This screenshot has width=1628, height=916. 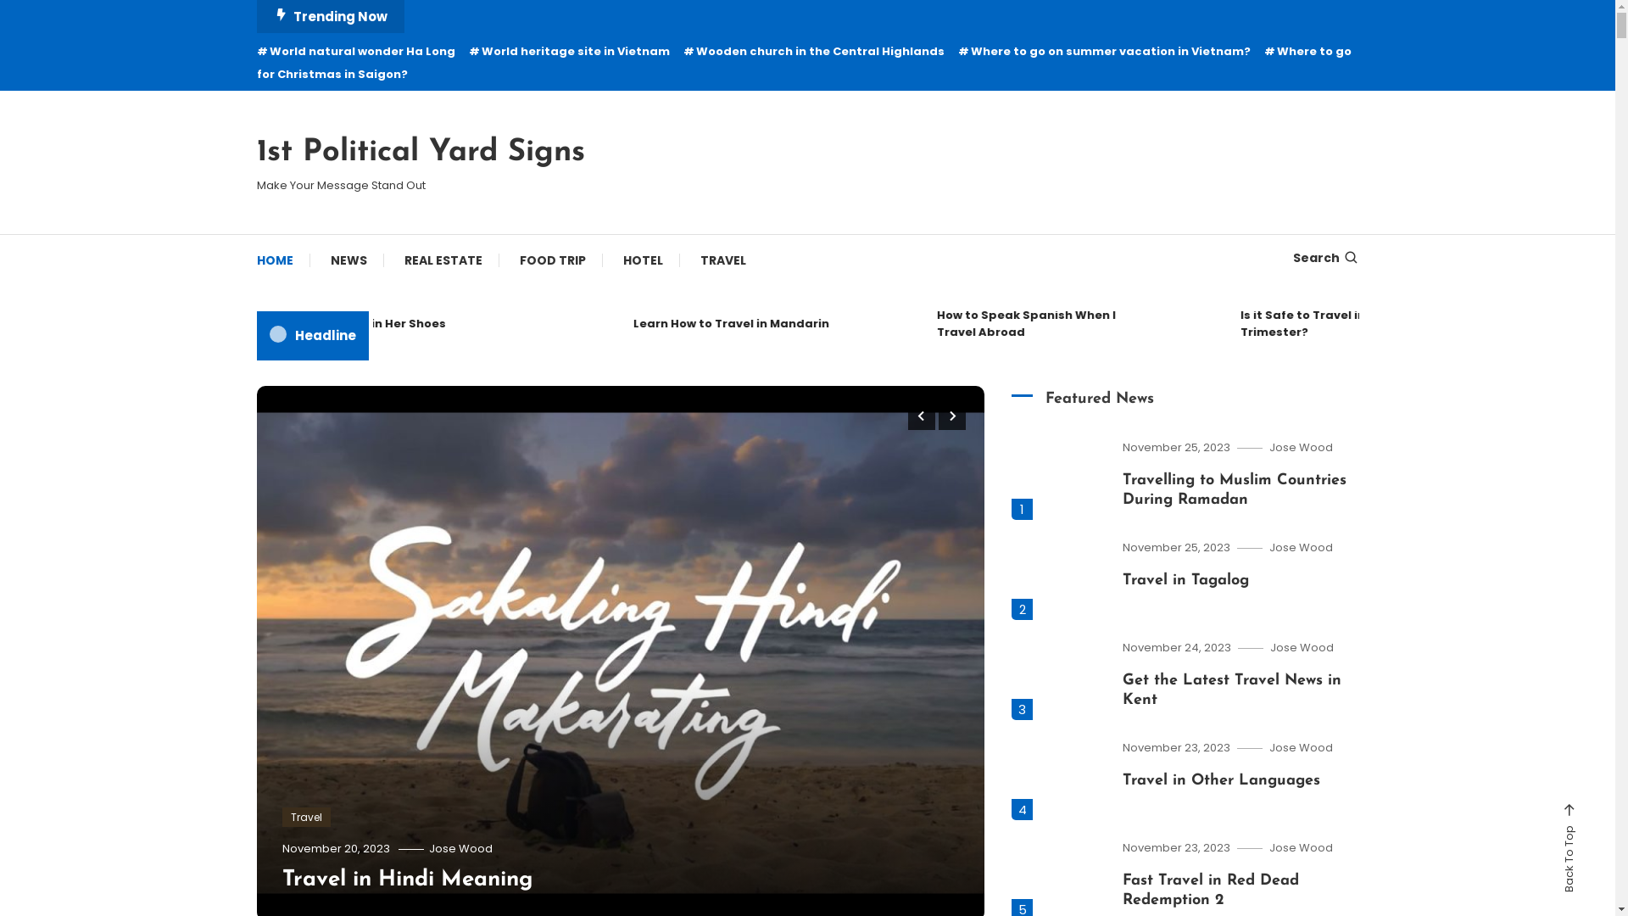 What do you see at coordinates (335, 848) in the screenshot?
I see `'November 20, 2023'` at bounding box center [335, 848].